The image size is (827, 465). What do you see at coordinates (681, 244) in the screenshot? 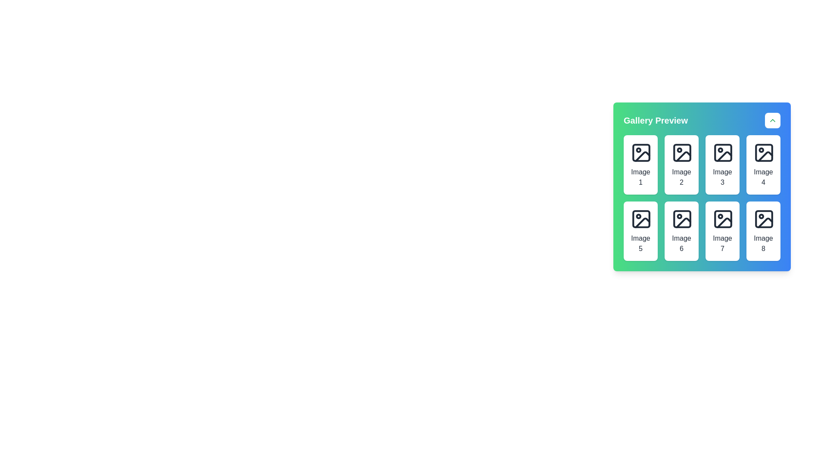
I see `the text label reading 'Image 6', which is styled in a centered format and located beneath the image icon in the Gallery Preview card` at bounding box center [681, 244].